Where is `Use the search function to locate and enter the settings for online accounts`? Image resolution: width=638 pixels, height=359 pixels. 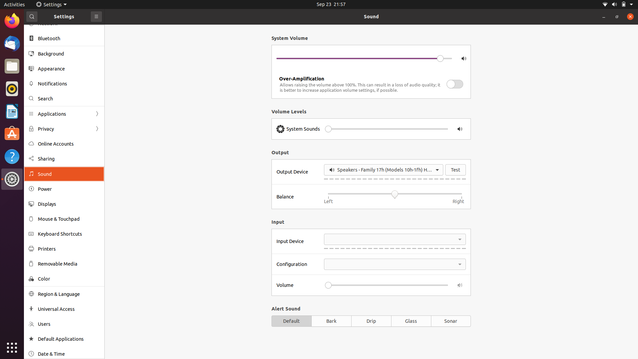 Use the search function to locate and enter the settings for online accounts is located at coordinates (63, 97).